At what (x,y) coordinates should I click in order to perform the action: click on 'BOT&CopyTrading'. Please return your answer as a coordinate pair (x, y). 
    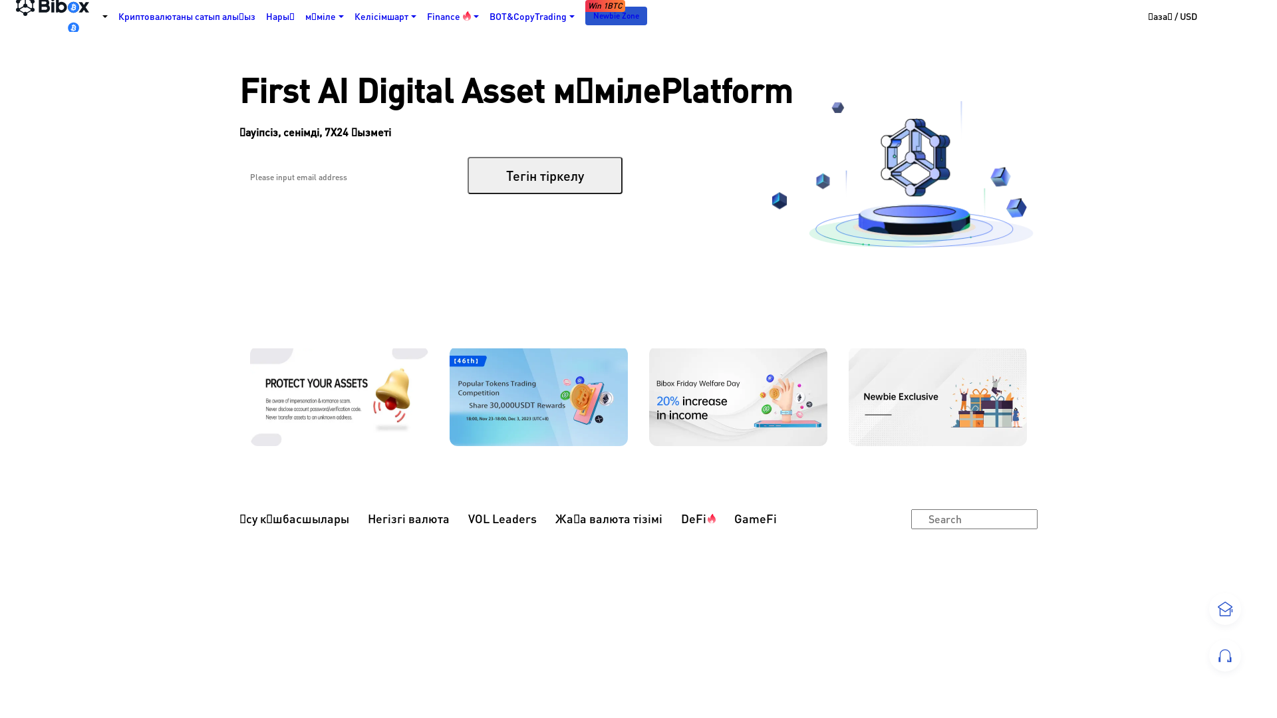
    Looking at the image, I should click on (488, 15).